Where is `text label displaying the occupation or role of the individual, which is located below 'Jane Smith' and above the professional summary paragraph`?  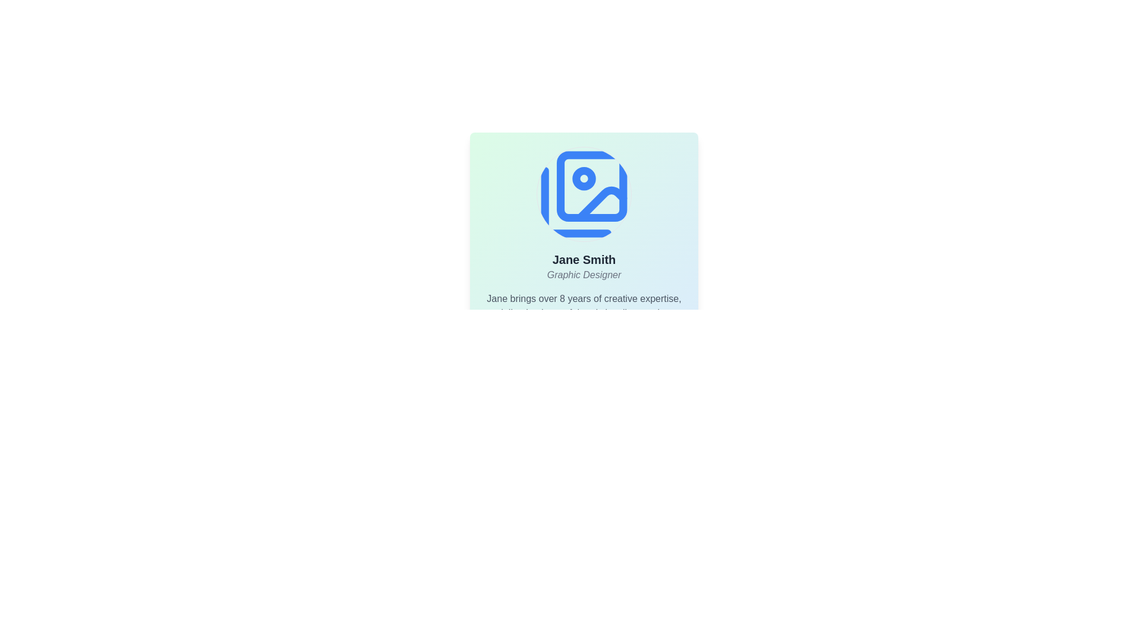
text label displaying the occupation or role of the individual, which is located below 'Jane Smith' and above the professional summary paragraph is located at coordinates (584, 275).